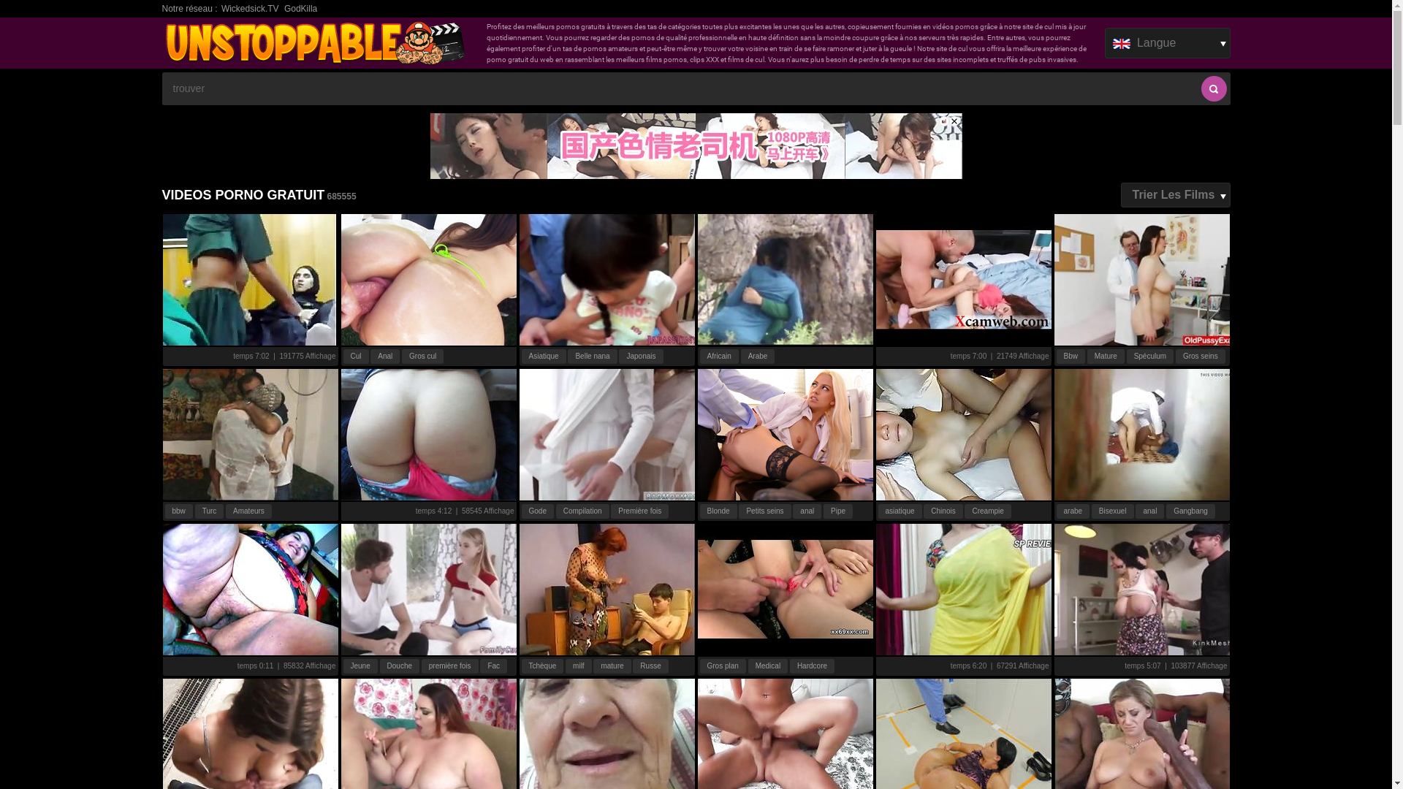 This screenshot has width=1403, height=789. Describe the element at coordinates (618, 357) in the screenshot. I see `'Japonais'` at that location.